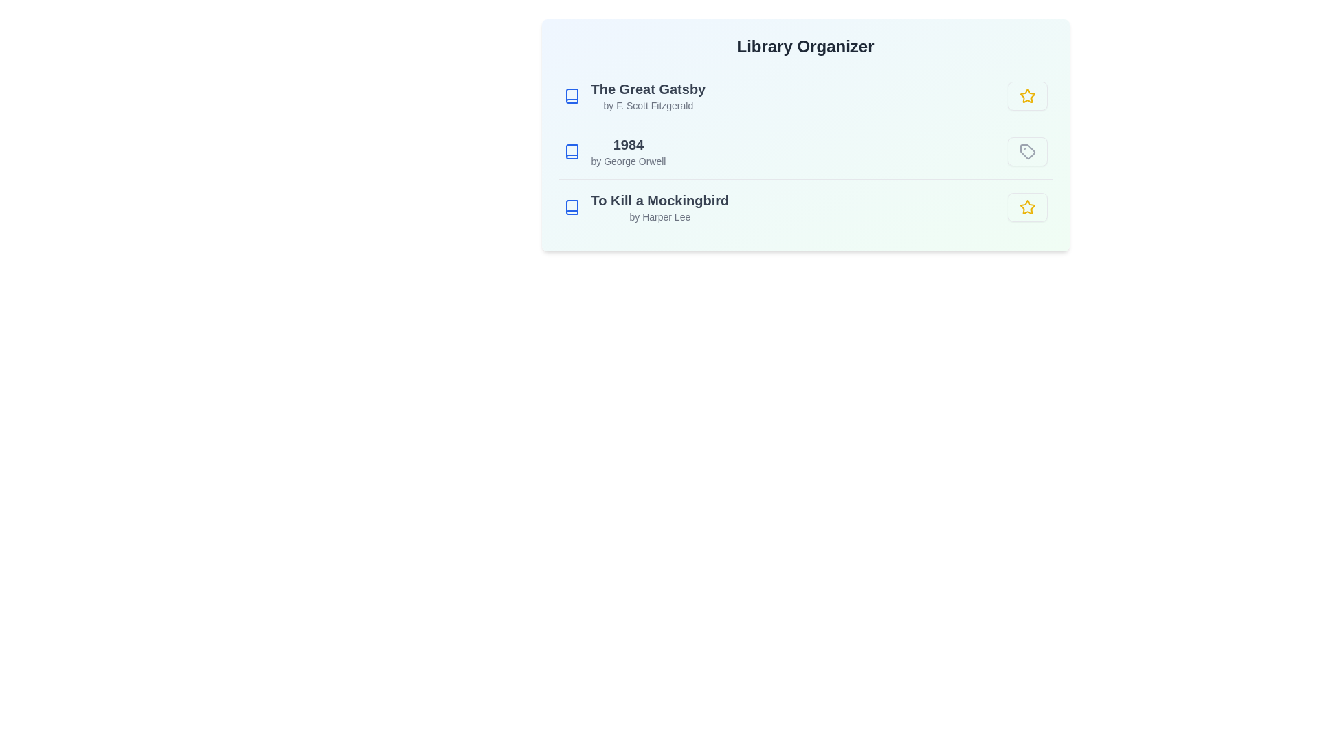  I want to click on the book icon corresponding to To Kill a Mockingbird, so click(572, 207).